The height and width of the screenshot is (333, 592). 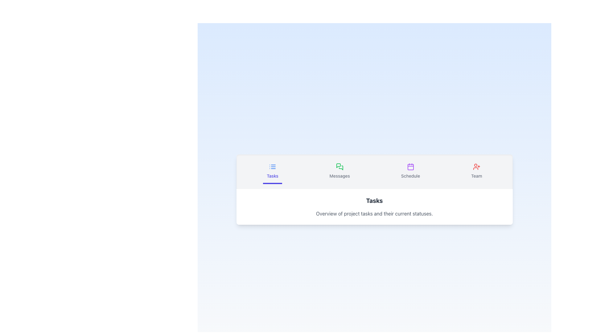 I want to click on the calendar SVG icon in the navigation bar, so click(x=410, y=166).